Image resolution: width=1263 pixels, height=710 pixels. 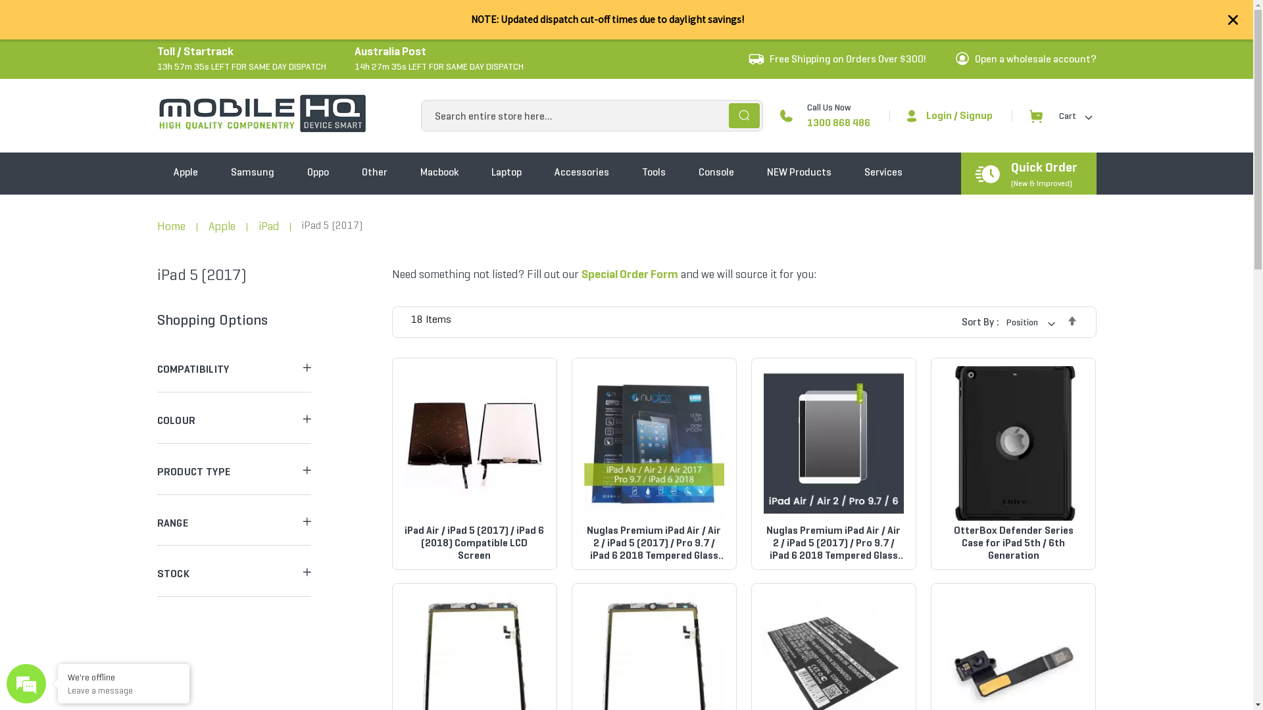 What do you see at coordinates (184, 133) in the screenshot?
I see `'Apple'` at bounding box center [184, 133].